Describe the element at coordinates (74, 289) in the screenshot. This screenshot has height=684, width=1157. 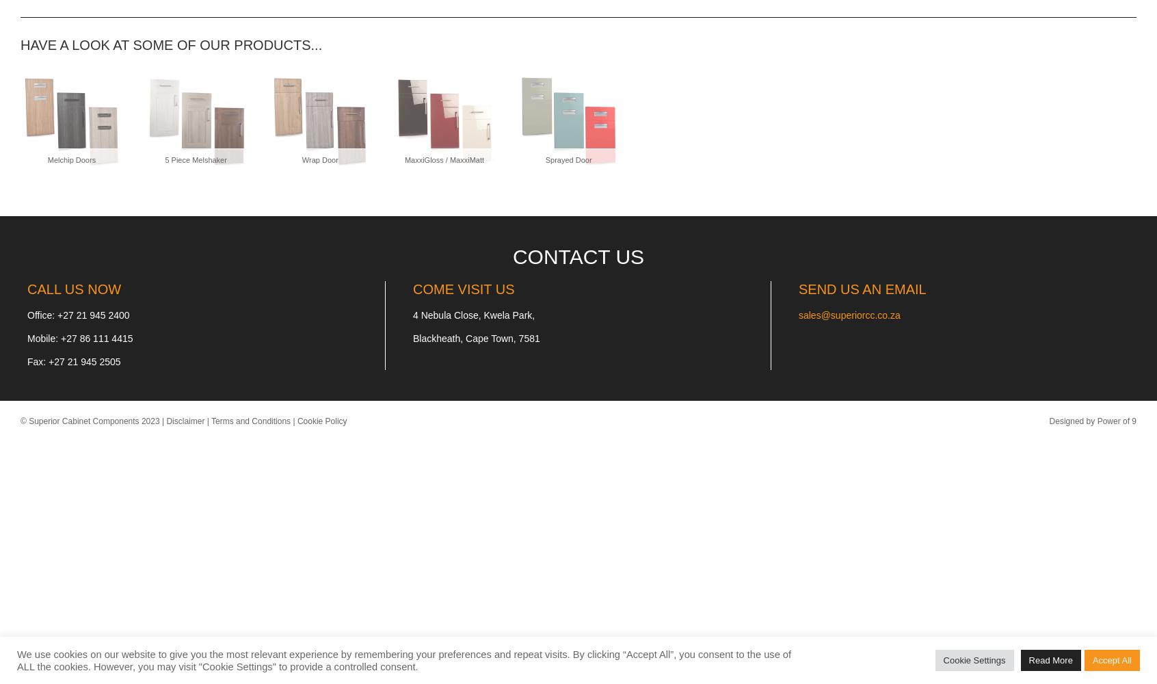
I see `'Call us now'` at that location.